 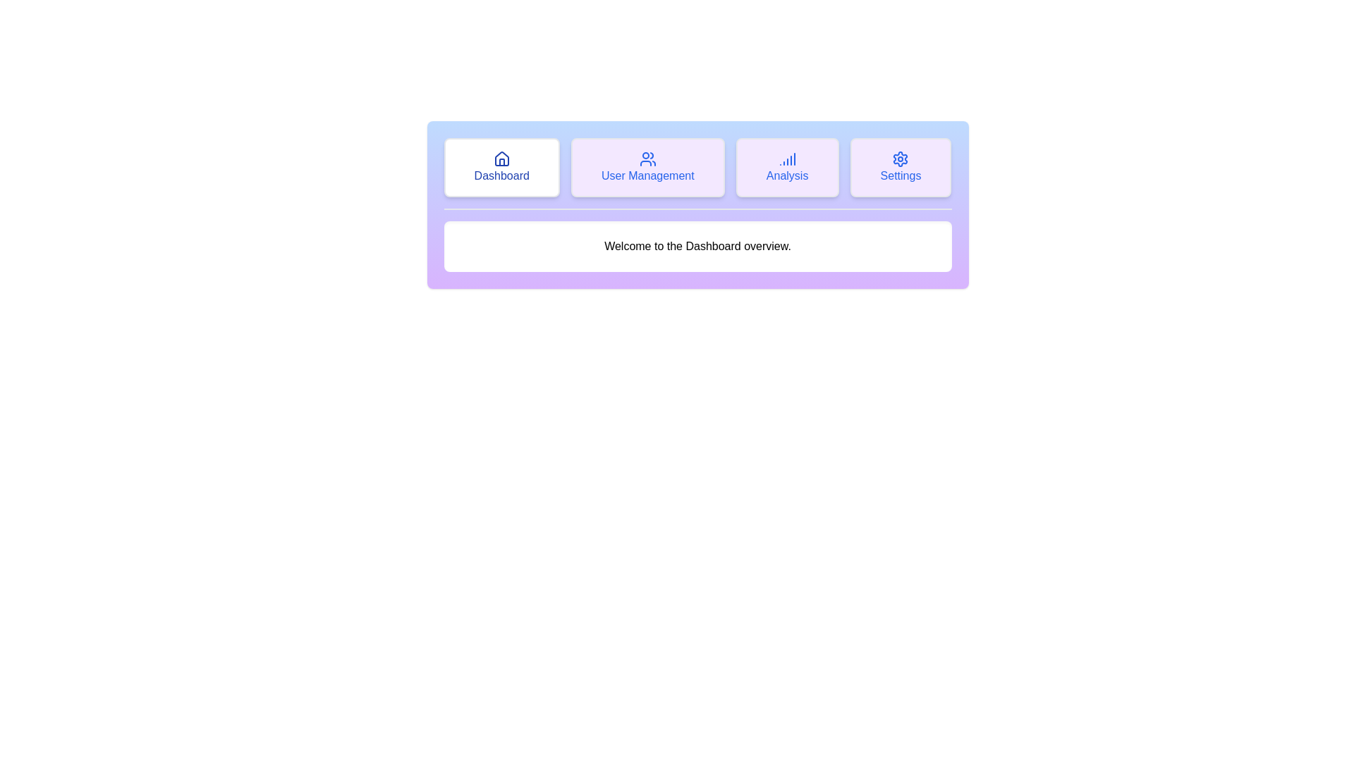 What do you see at coordinates (900, 167) in the screenshot?
I see `the settings button styled as a card located at the top right corner of the feature cards row, which is the fourth card after 'Dashboard', 'User Management', and 'Analysis', to trigger the visual effect` at bounding box center [900, 167].